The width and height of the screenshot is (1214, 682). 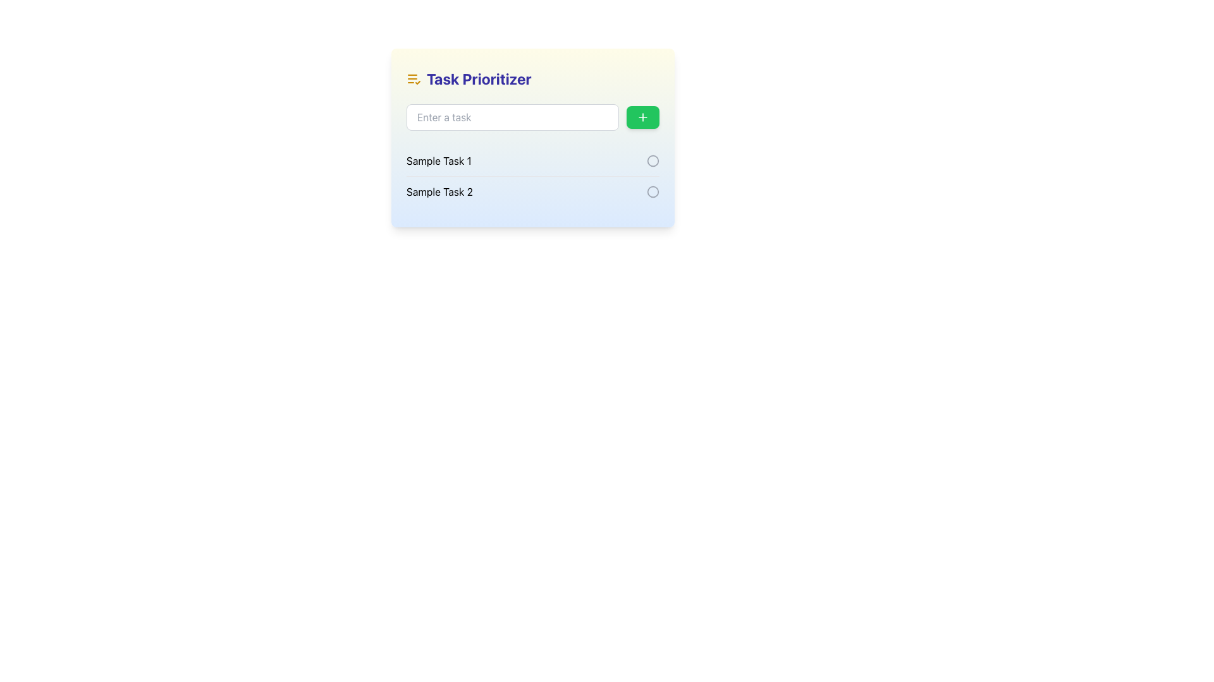 What do you see at coordinates (643, 117) in the screenshot?
I see `the action button located to the right of the text input field` at bounding box center [643, 117].